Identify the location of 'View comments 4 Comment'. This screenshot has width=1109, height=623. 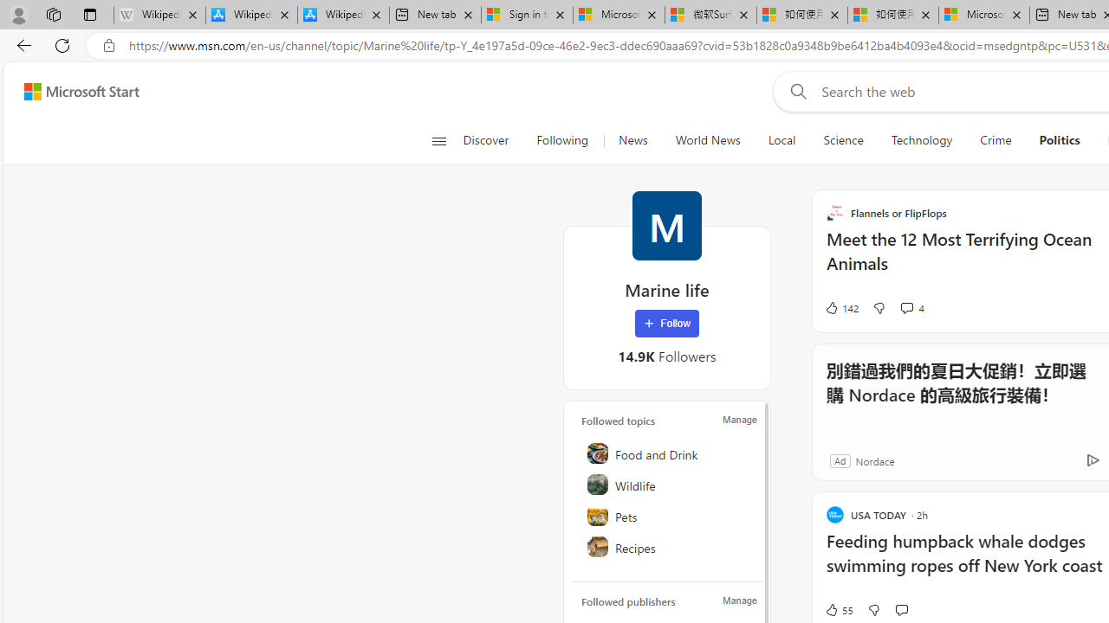
(911, 307).